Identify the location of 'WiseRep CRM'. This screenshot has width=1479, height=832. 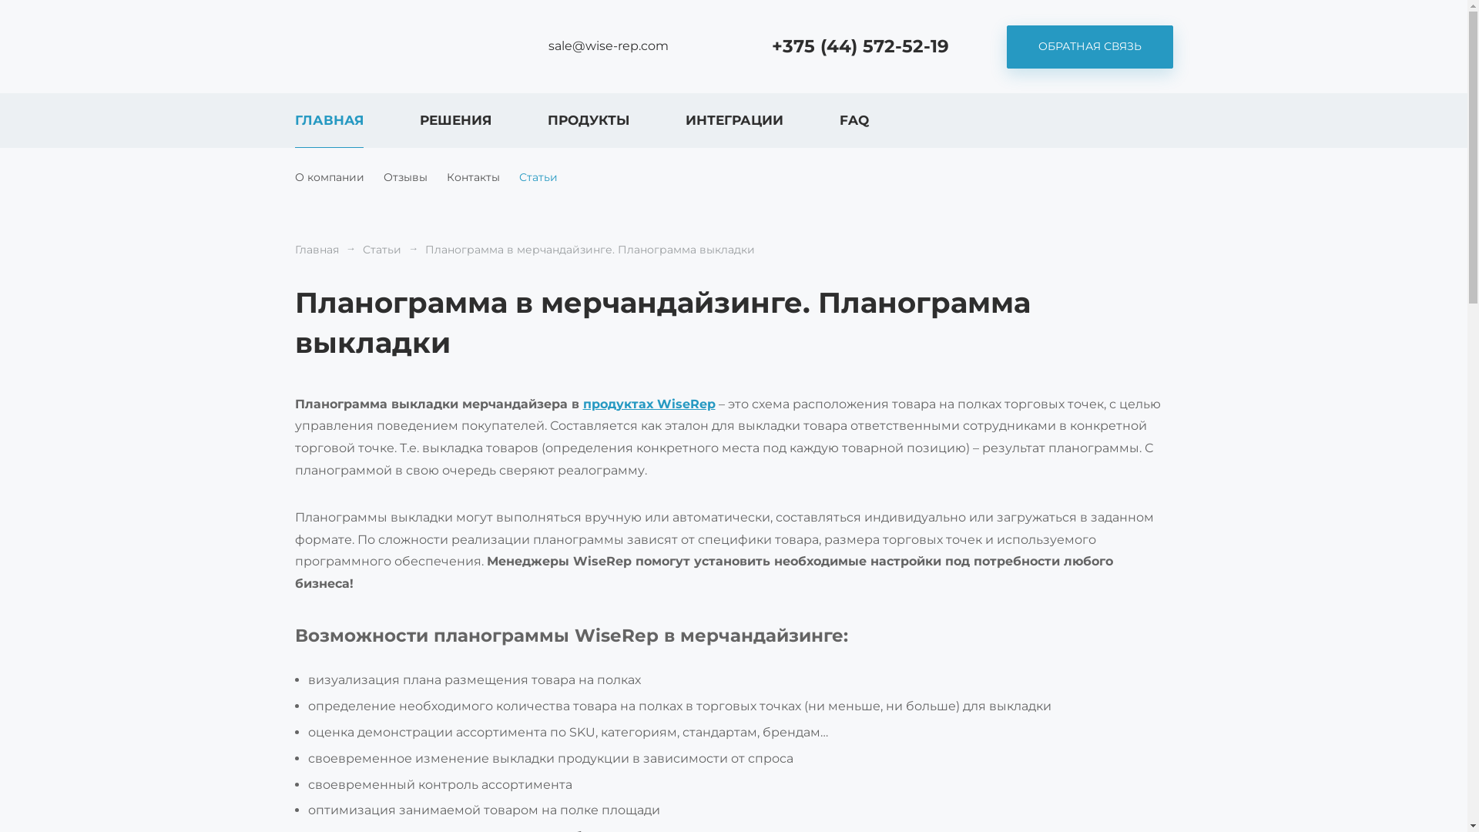
(366, 45).